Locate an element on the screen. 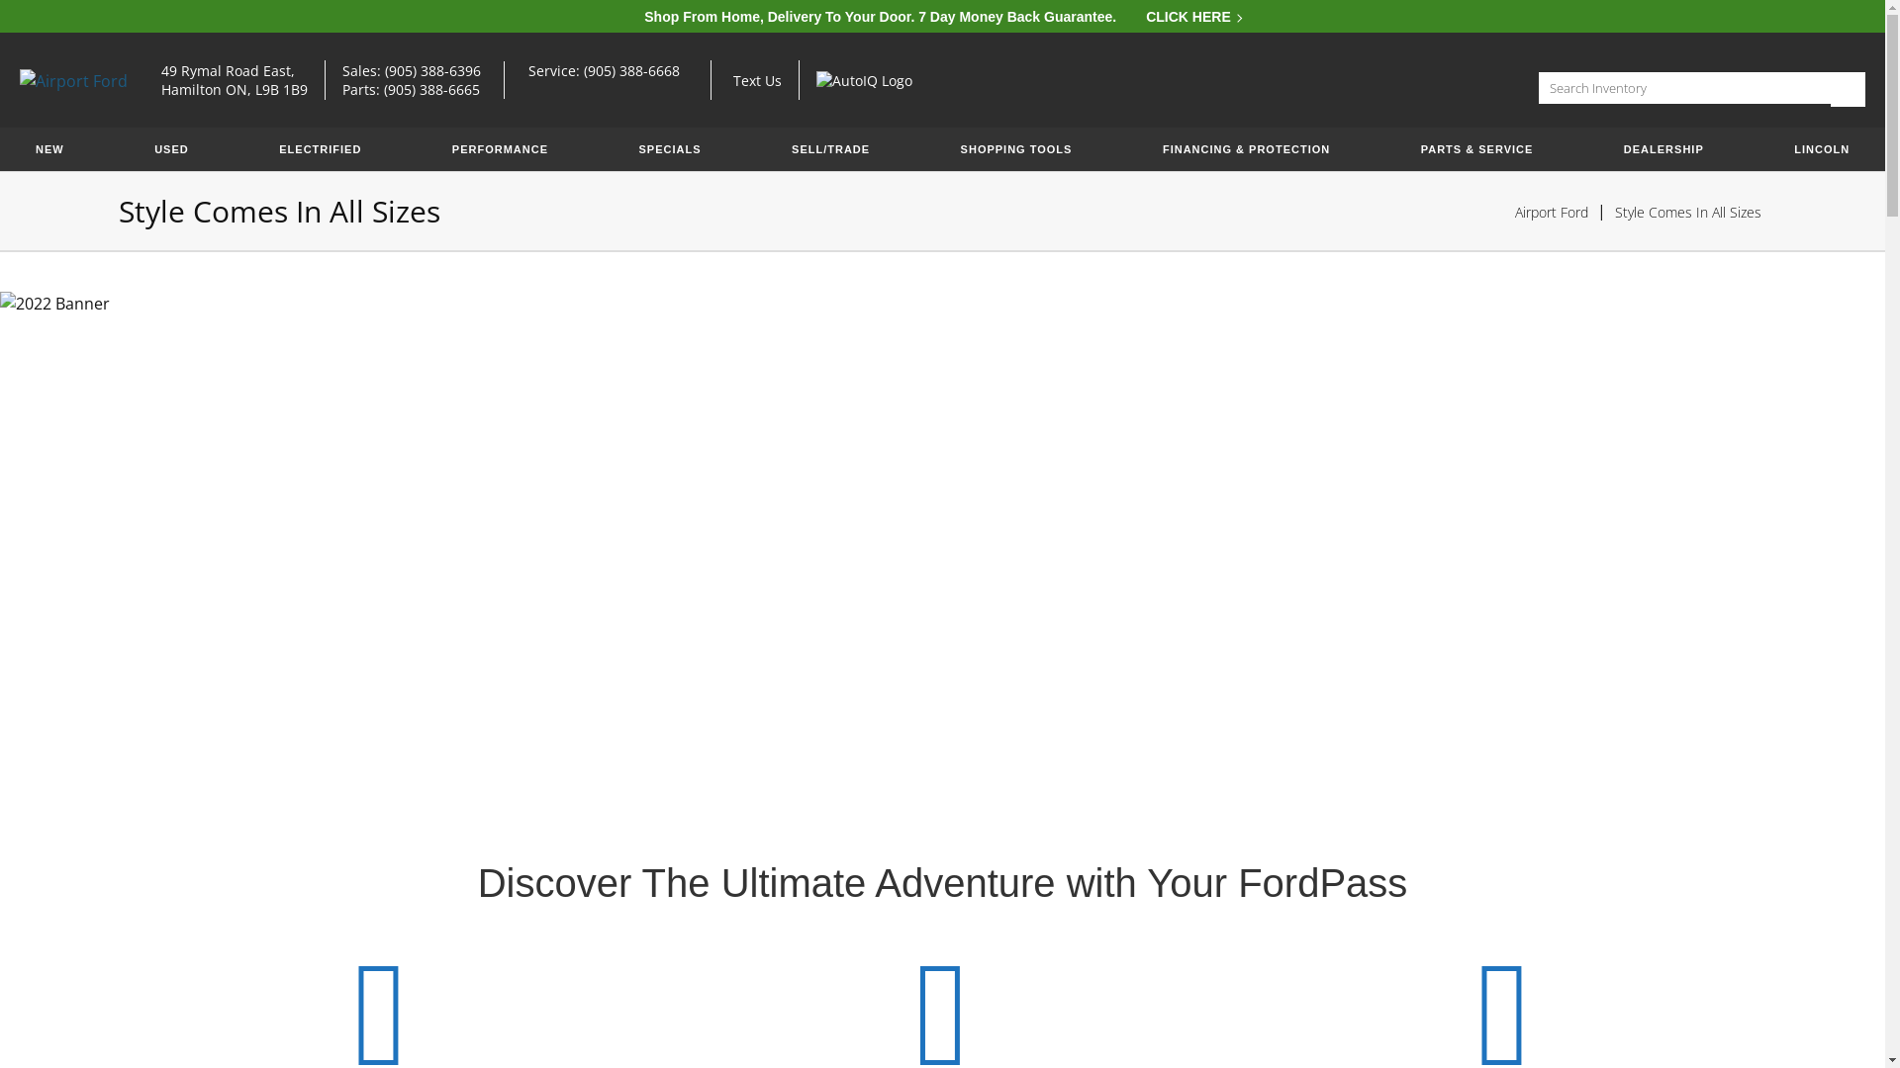  'ELECTRIFIED' is located at coordinates (320, 148).